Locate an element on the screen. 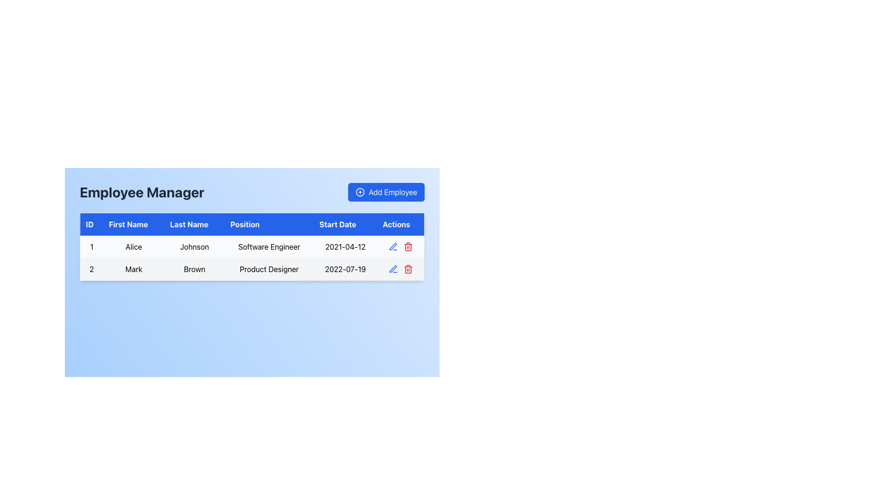  the 'Employee Manager' text label element, which displays in bold large dark gray font above the employee information table is located at coordinates (141, 192).